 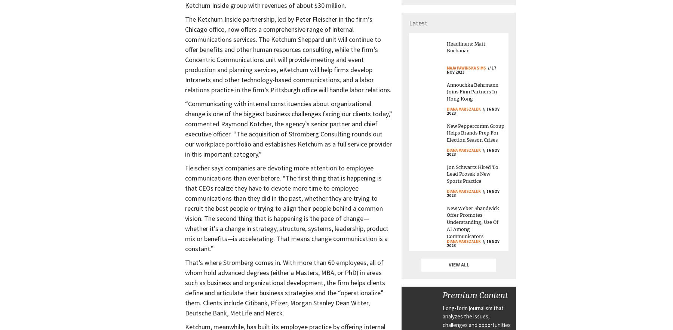 What do you see at coordinates (286, 208) in the screenshot?
I see `'Fleischer says companies are devoting more attention to employee communications than ever before. “The first thing that is happening is that CEOs realize they have to devote more time to employee communications than they did in the past, whether they are trying to recruit the best people or trying to align their people behind a common vision. The second thing that is happening is the pace of change— whether it’s a change in strategy, structure, systems, leadership, product mix or benefits—is accelerating. That means change communication is a constant.”'` at bounding box center [286, 208].